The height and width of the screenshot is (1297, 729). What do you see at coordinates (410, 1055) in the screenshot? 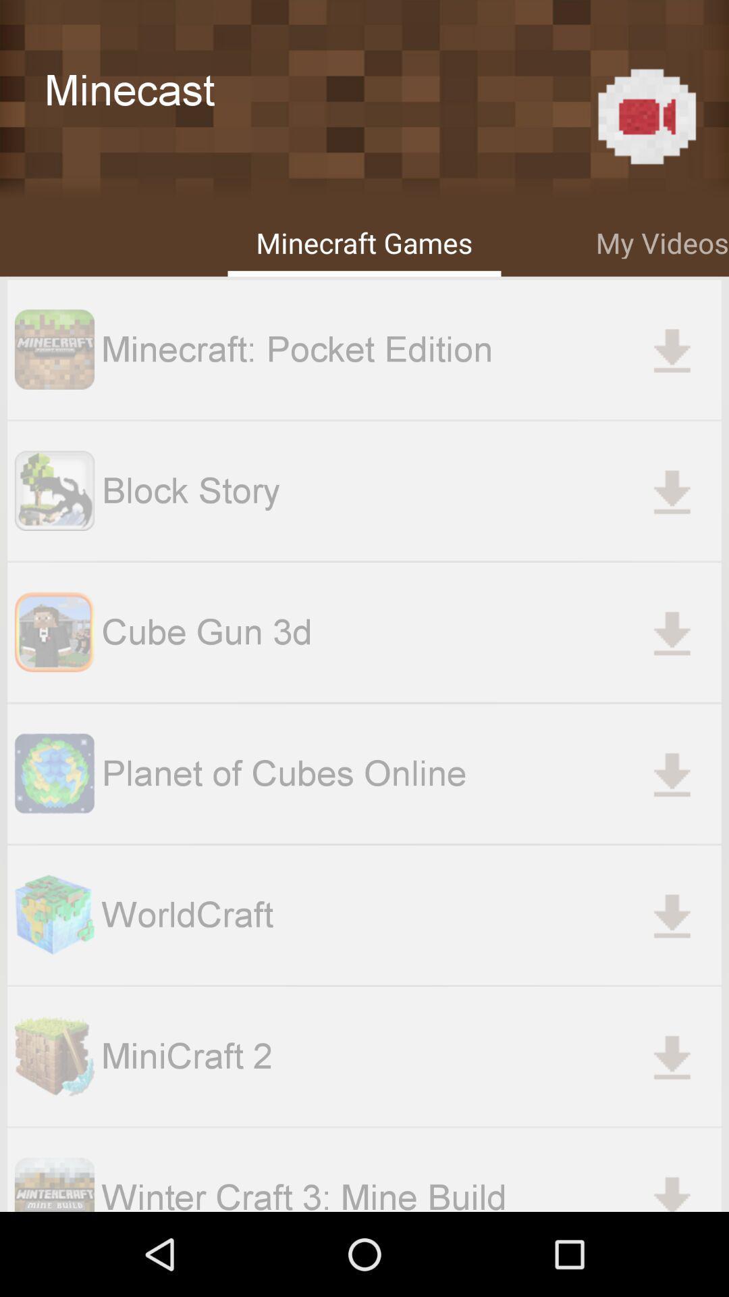
I see `minicraft 2 icon` at bounding box center [410, 1055].